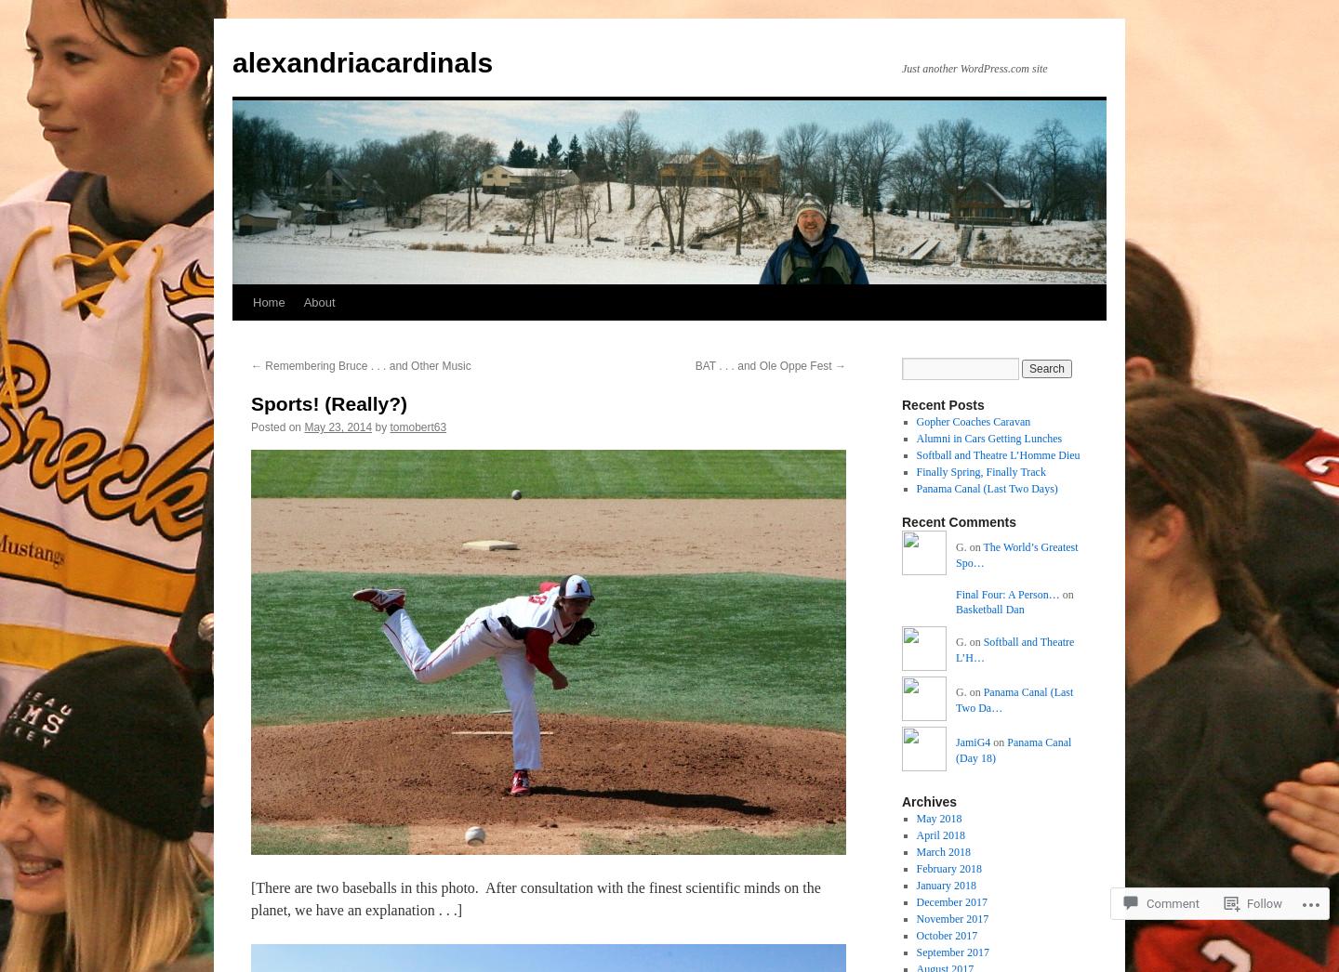  I want to click on 'Panama Canal (Last Two Days)', so click(914, 488).